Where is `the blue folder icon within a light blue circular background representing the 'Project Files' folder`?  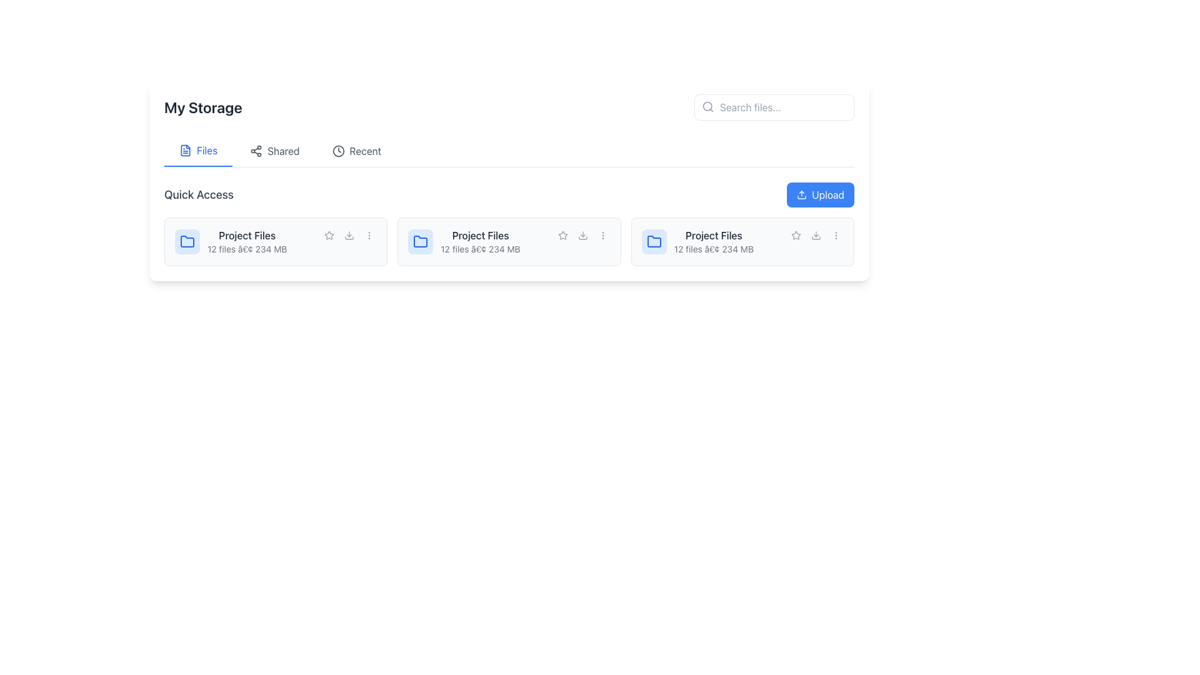 the blue folder icon within a light blue circular background representing the 'Project Files' folder is located at coordinates (653, 241).